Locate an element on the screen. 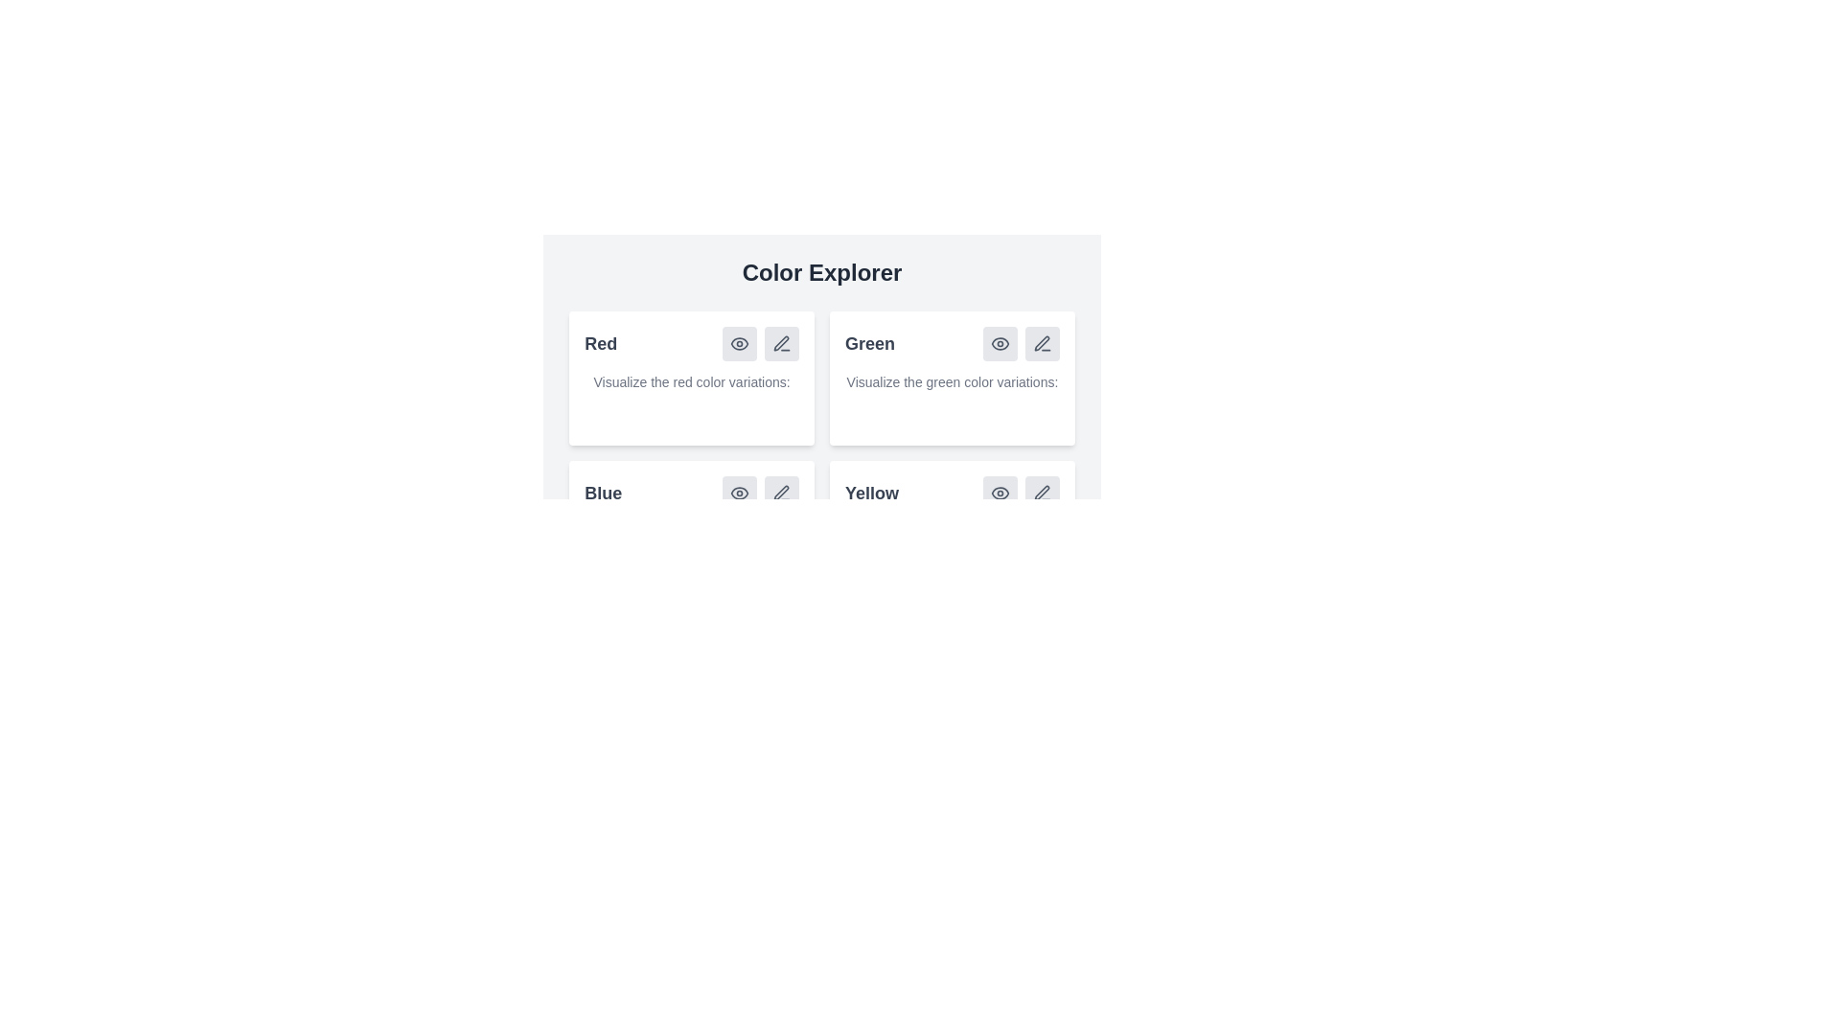 The image size is (1840, 1035). text label that says 'Visualize the red color variations:' located in the upper central area of the card section for the 'Red' color explorer interface is located at coordinates (691, 401).